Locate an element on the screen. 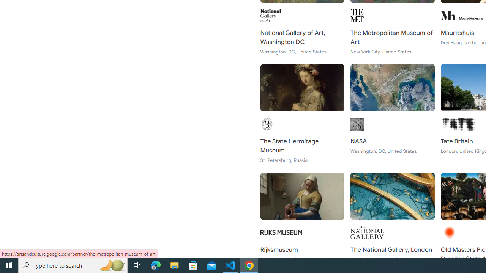 The image size is (486, 273). 'The National Gallery, London London, United Kingdom' is located at coordinates (393, 222).